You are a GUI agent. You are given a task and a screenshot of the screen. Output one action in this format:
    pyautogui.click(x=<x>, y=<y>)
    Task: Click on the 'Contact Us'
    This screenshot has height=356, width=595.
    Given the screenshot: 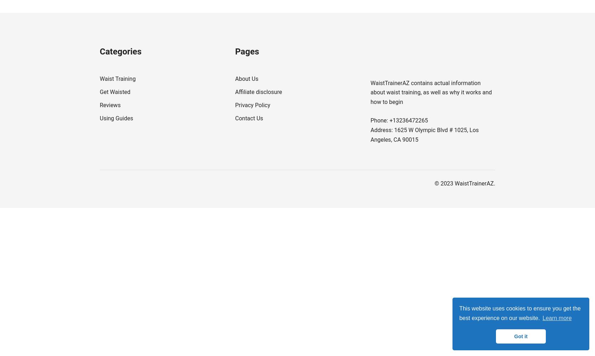 What is the action you would take?
    pyautogui.click(x=249, y=117)
    